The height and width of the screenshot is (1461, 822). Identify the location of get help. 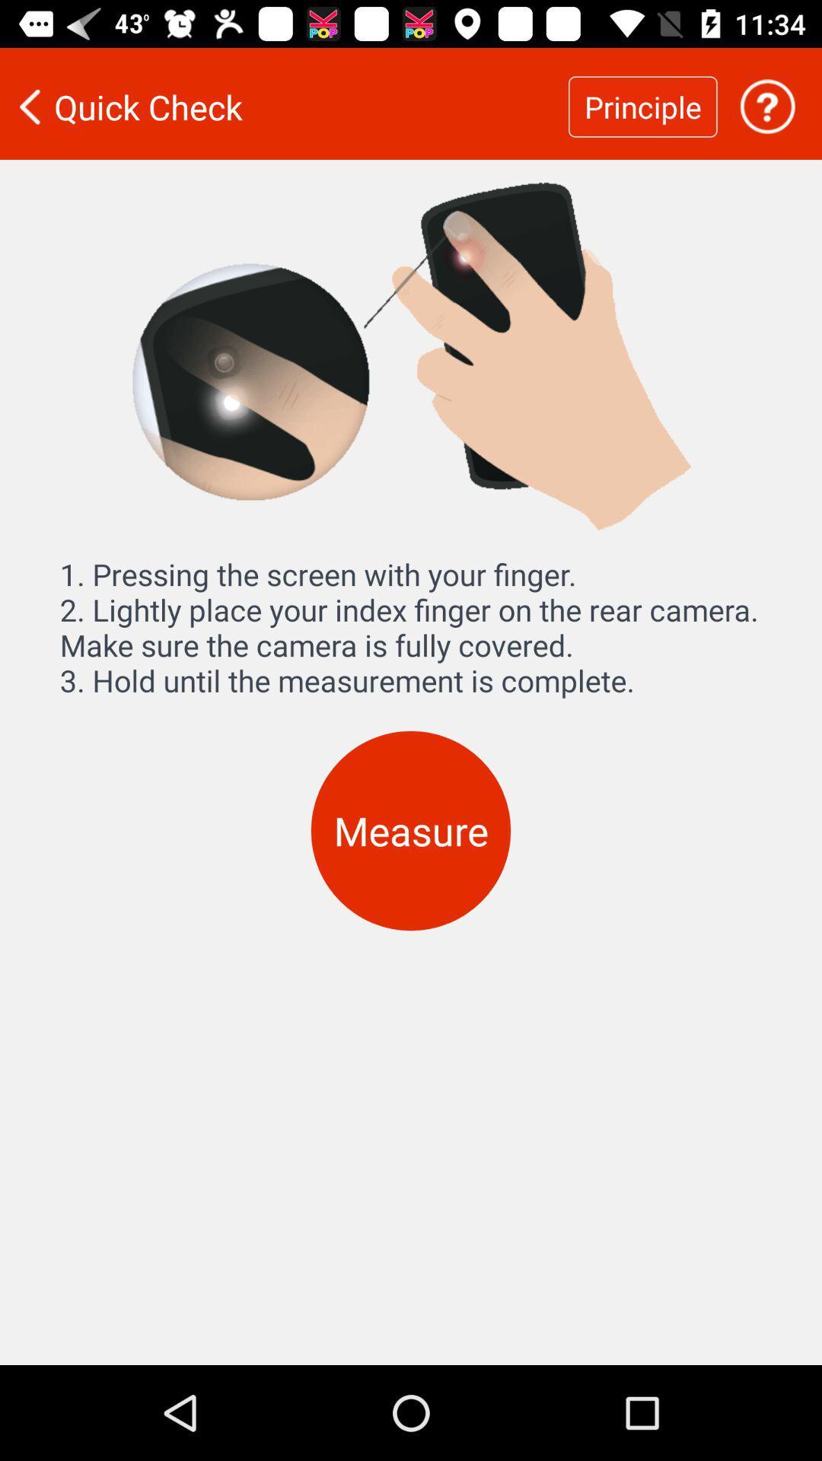
(767, 106).